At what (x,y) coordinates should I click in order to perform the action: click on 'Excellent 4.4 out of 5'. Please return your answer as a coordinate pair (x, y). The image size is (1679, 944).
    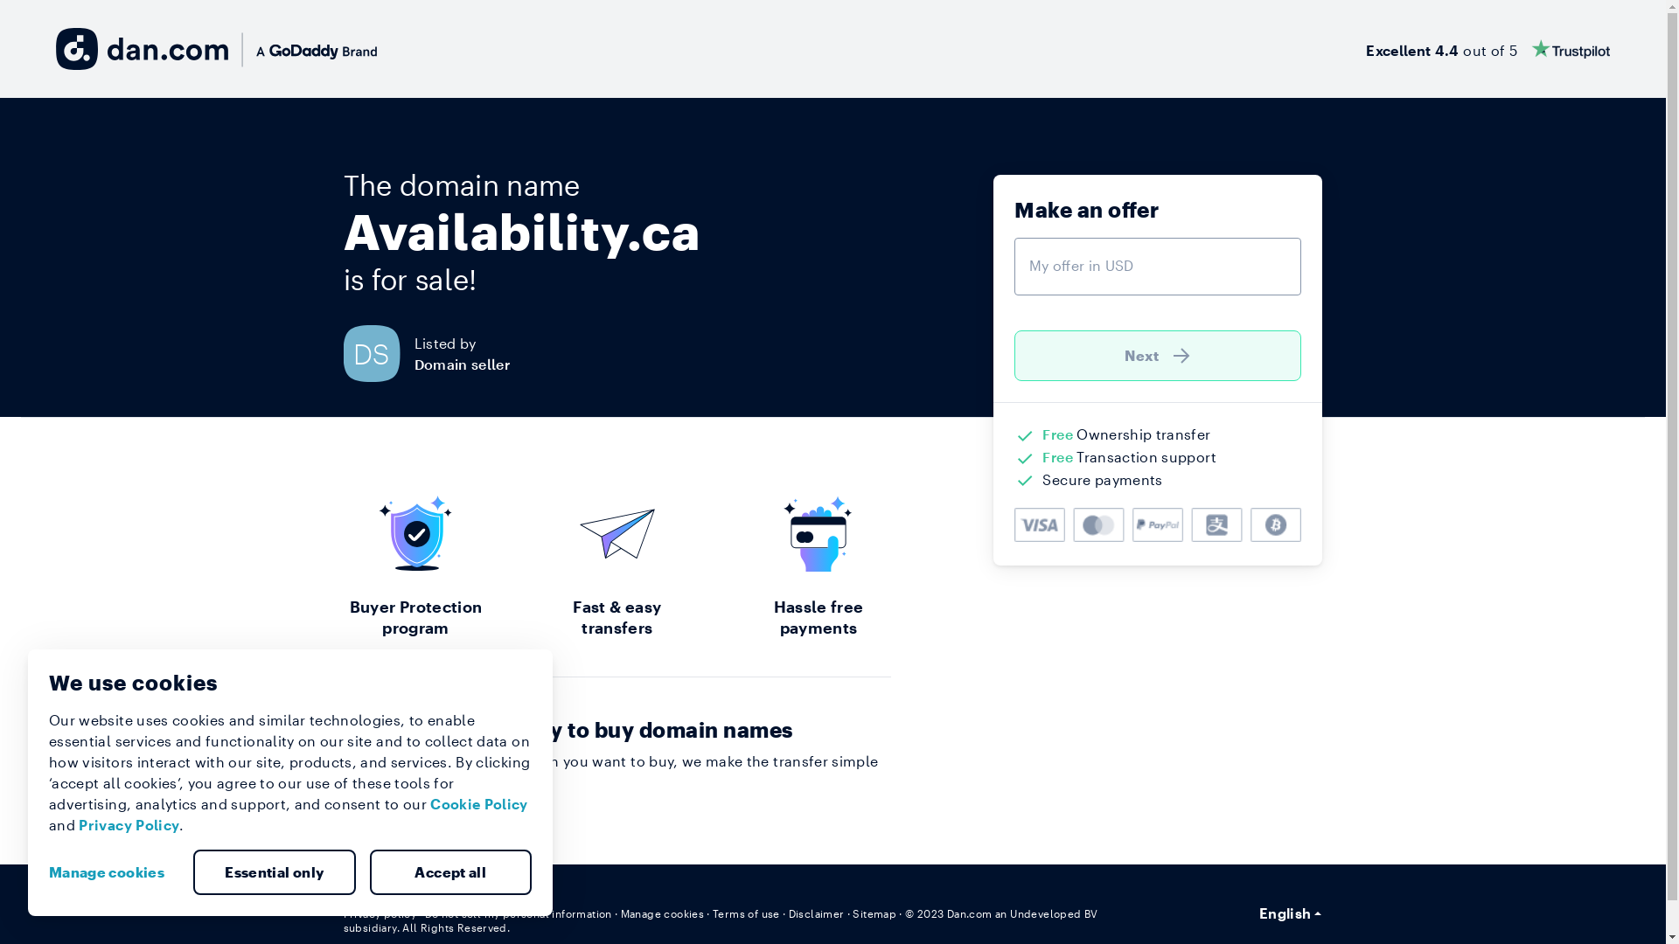
    Looking at the image, I should click on (1487, 48).